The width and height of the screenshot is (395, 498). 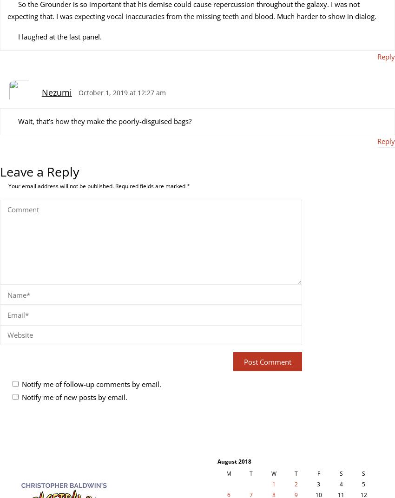 What do you see at coordinates (318, 473) in the screenshot?
I see `'F'` at bounding box center [318, 473].